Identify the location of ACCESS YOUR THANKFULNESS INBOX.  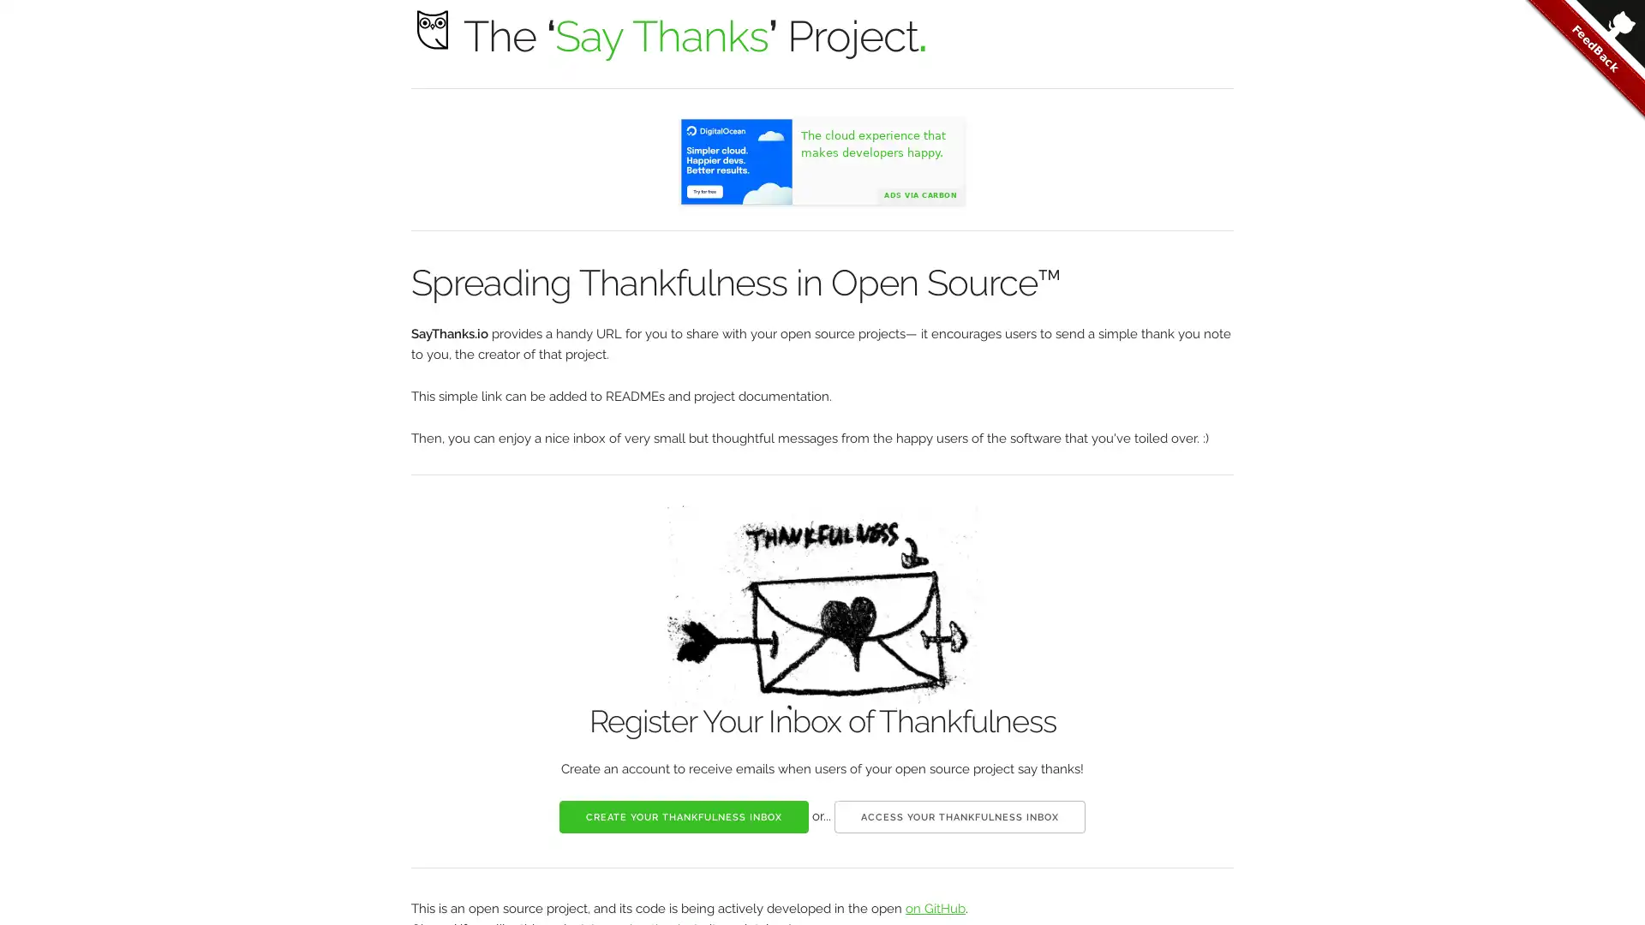
(960, 815).